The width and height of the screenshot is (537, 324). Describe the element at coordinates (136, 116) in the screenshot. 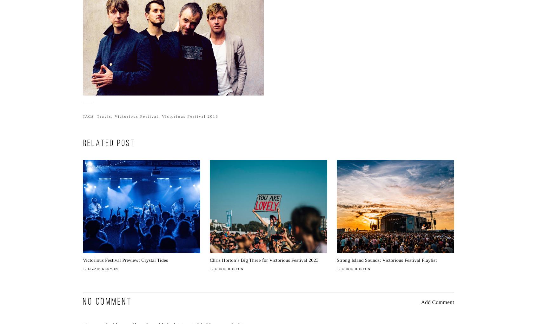

I see `'Victorious Festival'` at that location.